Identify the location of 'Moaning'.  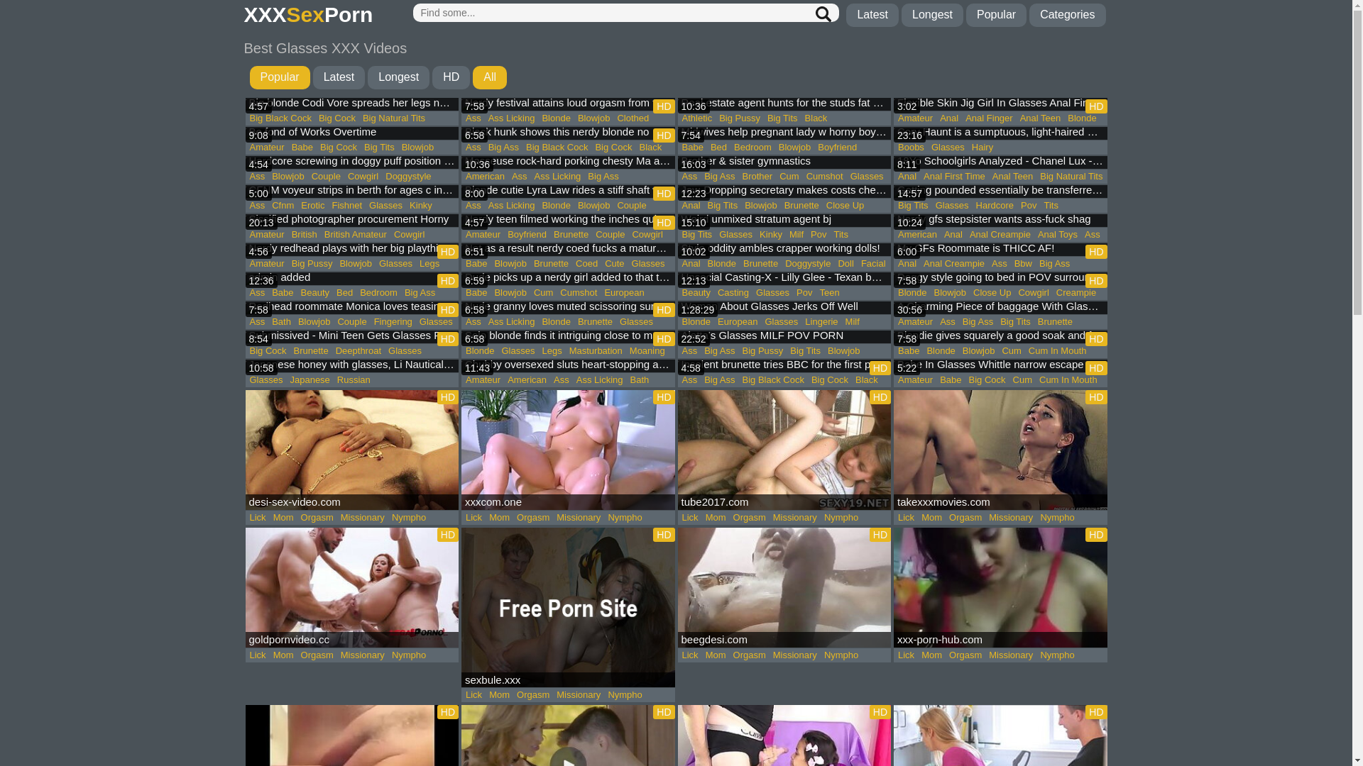
(625, 350).